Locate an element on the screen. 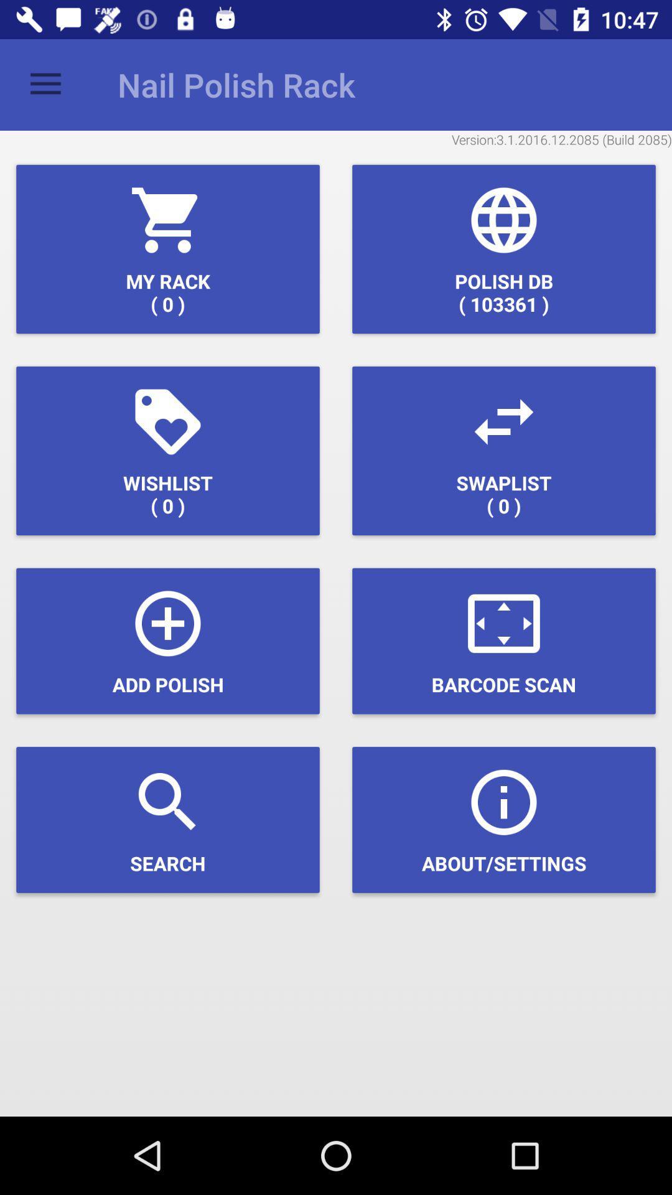 The image size is (672, 1195). icon next to the polish db is located at coordinates (168, 249).